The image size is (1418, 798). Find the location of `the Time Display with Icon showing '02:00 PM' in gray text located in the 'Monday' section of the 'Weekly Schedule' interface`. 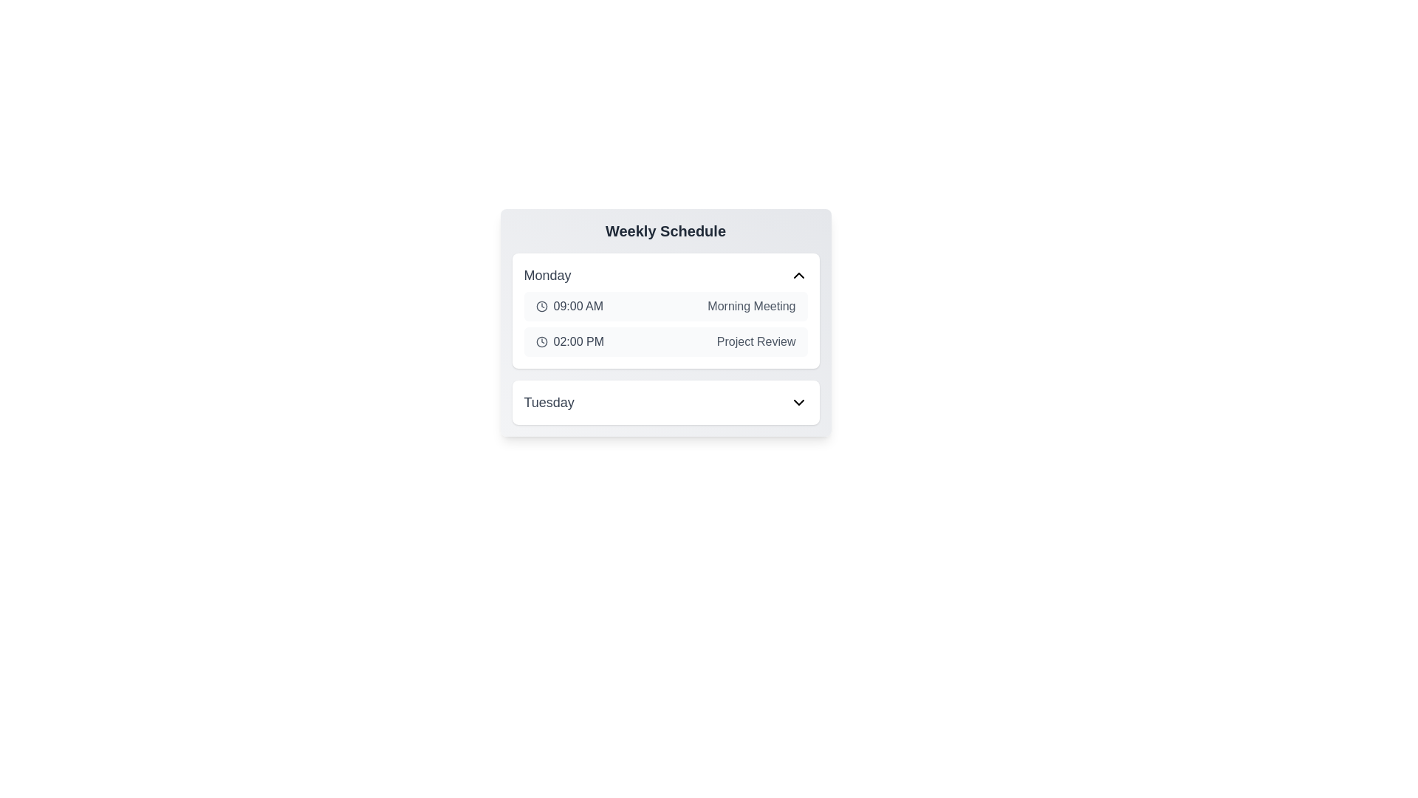

the Time Display with Icon showing '02:00 PM' in gray text located in the 'Monday' section of the 'Weekly Schedule' interface is located at coordinates (569, 341).